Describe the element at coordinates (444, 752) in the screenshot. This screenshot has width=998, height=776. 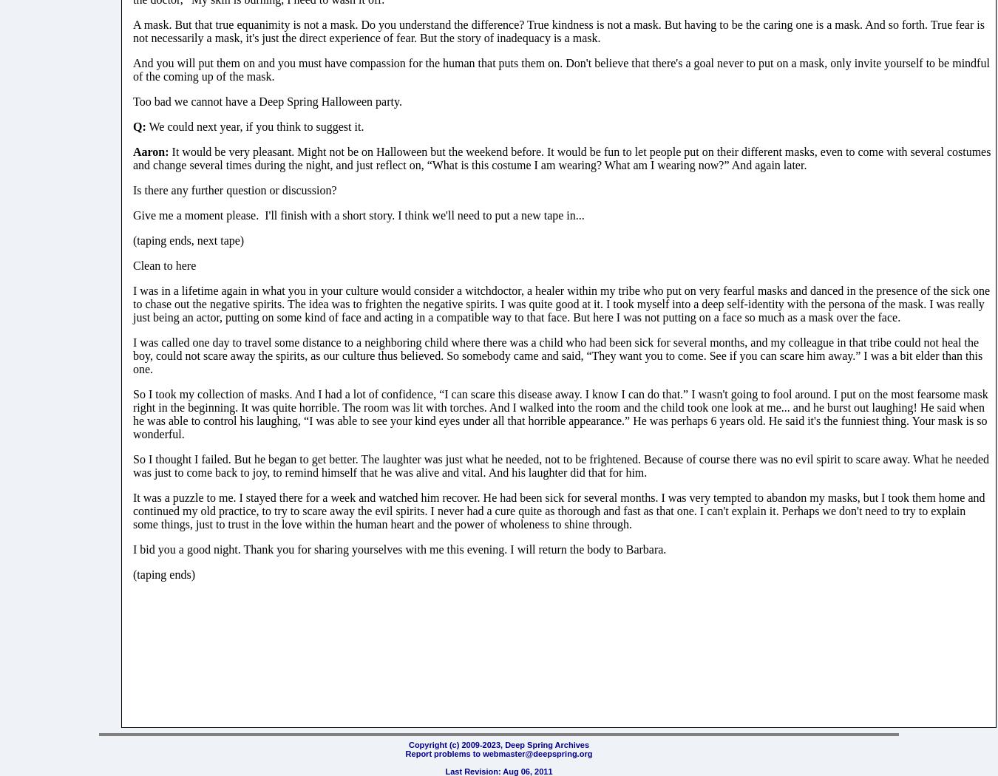
I see `'Report problems to'` at that location.